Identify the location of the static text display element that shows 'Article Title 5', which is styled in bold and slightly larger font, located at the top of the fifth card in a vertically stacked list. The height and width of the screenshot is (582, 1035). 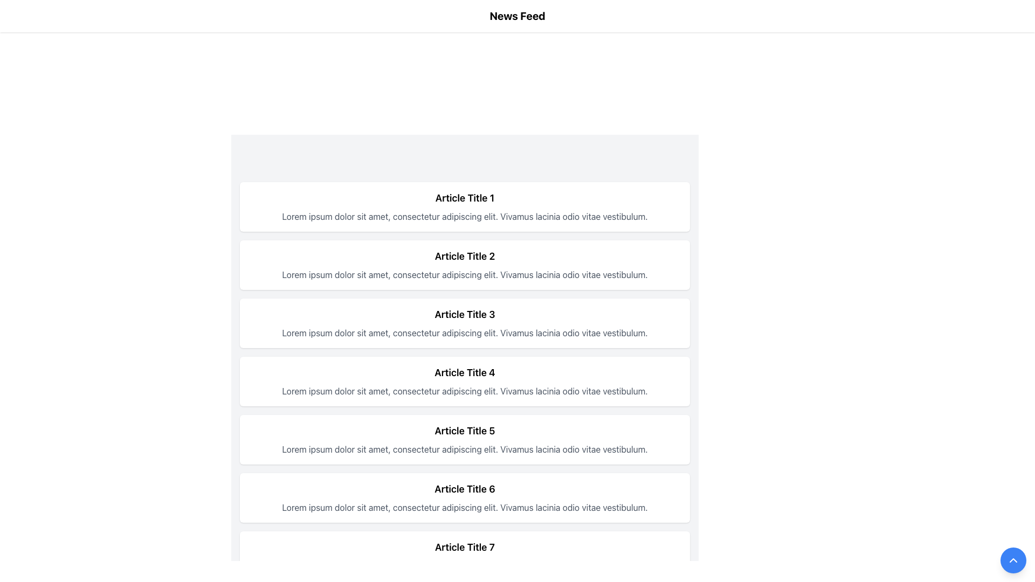
(465, 430).